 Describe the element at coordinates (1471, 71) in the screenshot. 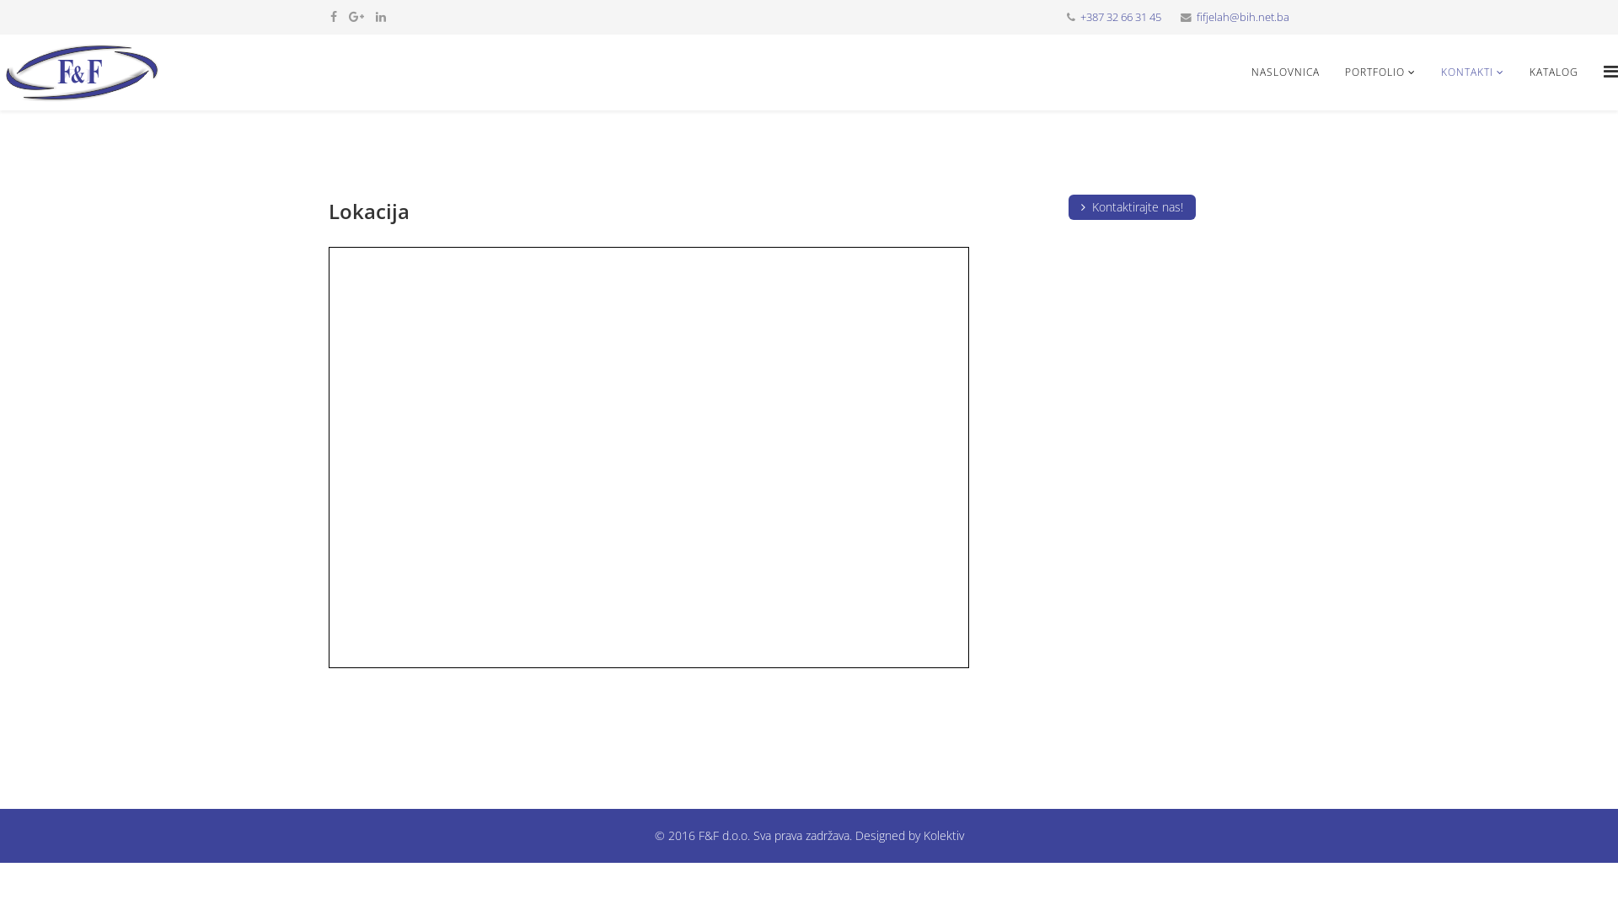

I see `'KONTAKTI'` at that location.